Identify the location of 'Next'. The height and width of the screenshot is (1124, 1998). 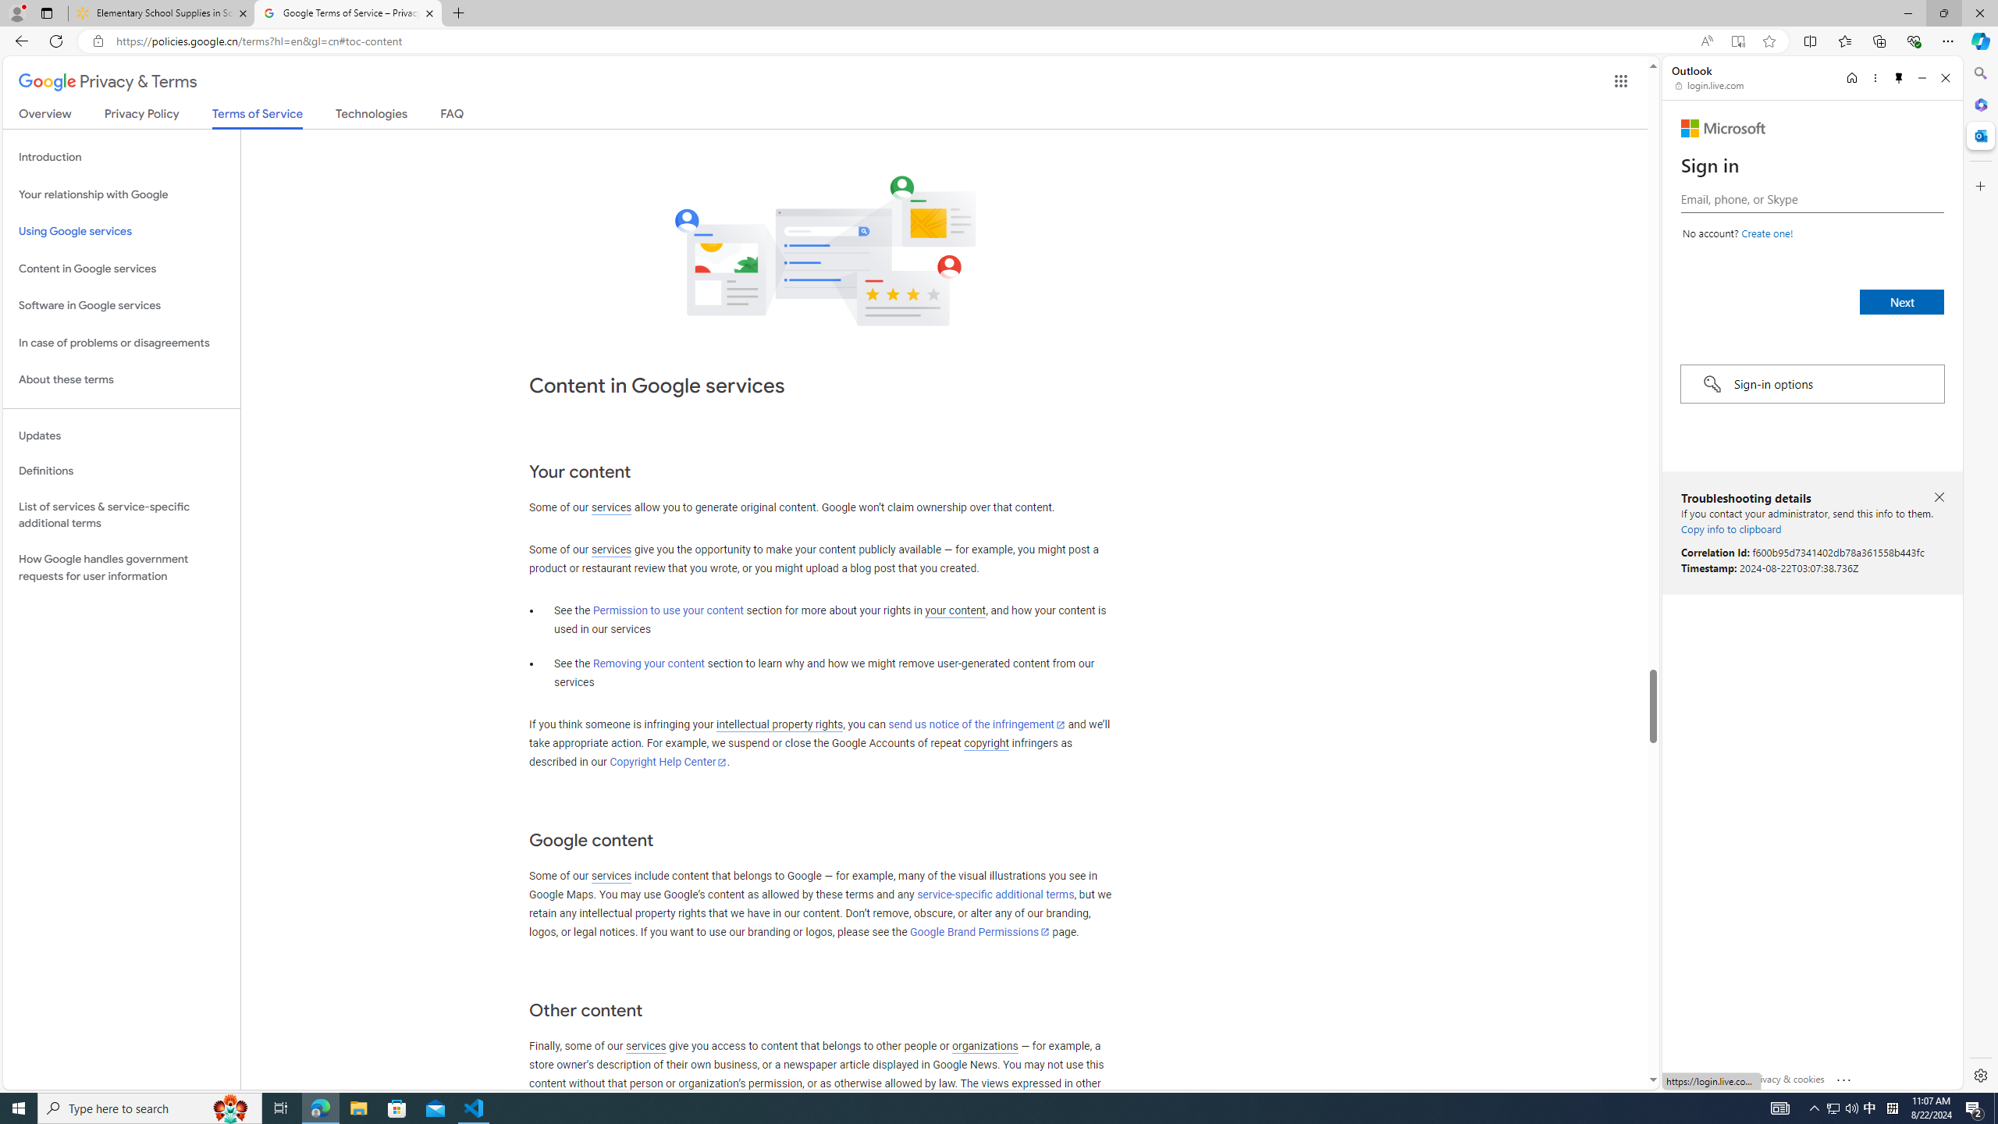
(1902, 301).